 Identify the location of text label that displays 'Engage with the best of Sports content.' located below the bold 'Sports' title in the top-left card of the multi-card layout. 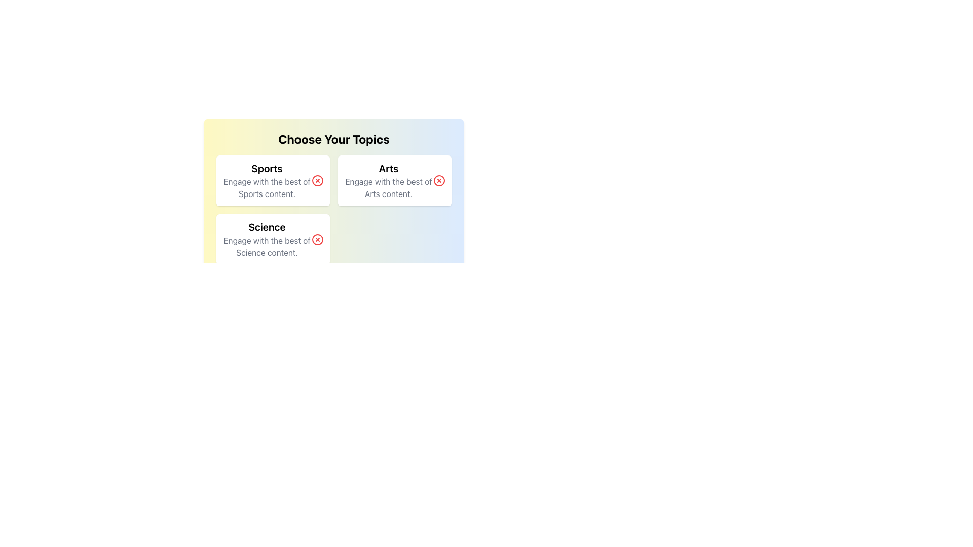
(267, 187).